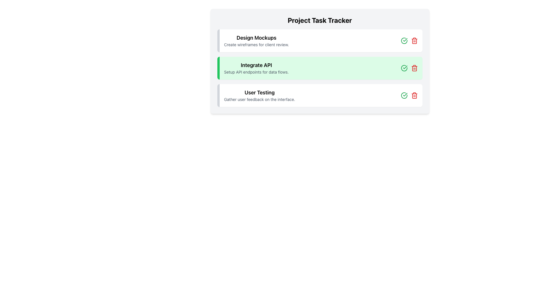 The image size is (547, 308). What do you see at coordinates (320, 68) in the screenshot?
I see `task information from the second item in the 'Project Task Tracker' section, which is positioned between 'Design Mockups' and 'User Testing'` at bounding box center [320, 68].